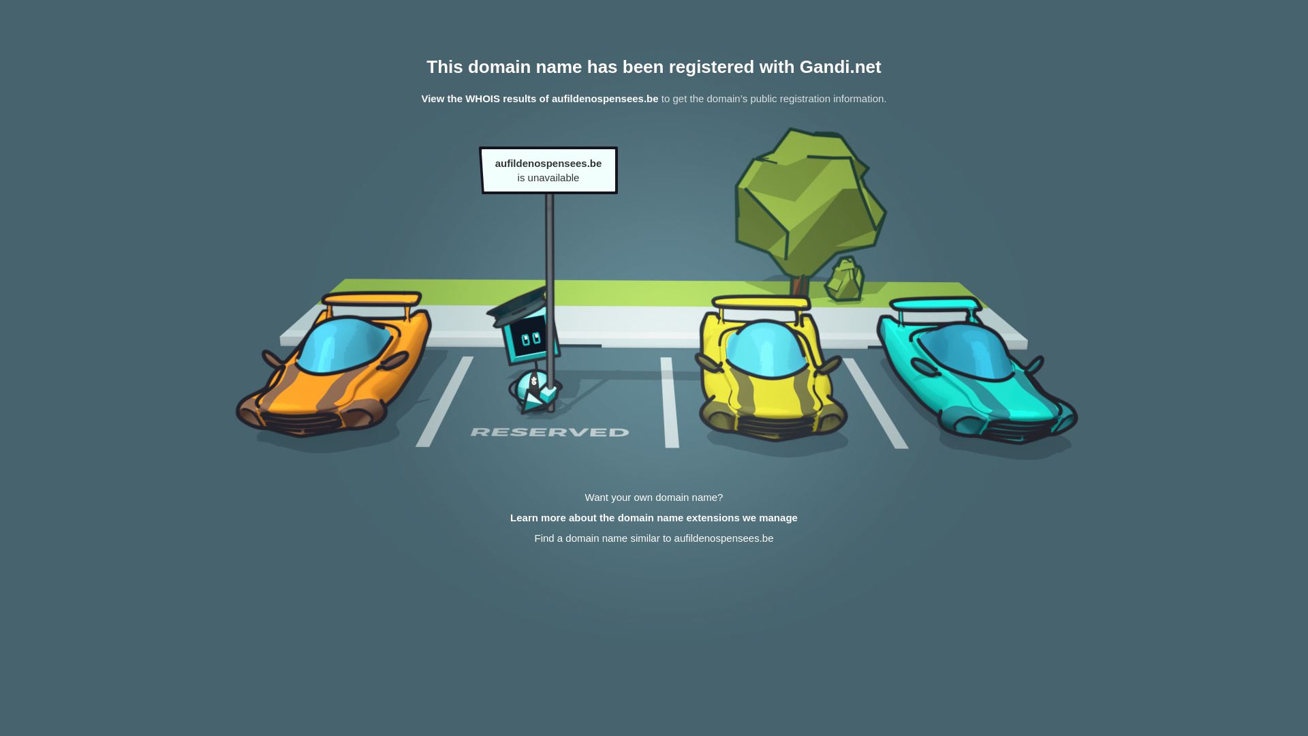 Image resolution: width=1308 pixels, height=736 pixels. Describe the element at coordinates (539, 97) in the screenshot. I see `'View the WHOIS results of aufildenospensees.be'` at that location.